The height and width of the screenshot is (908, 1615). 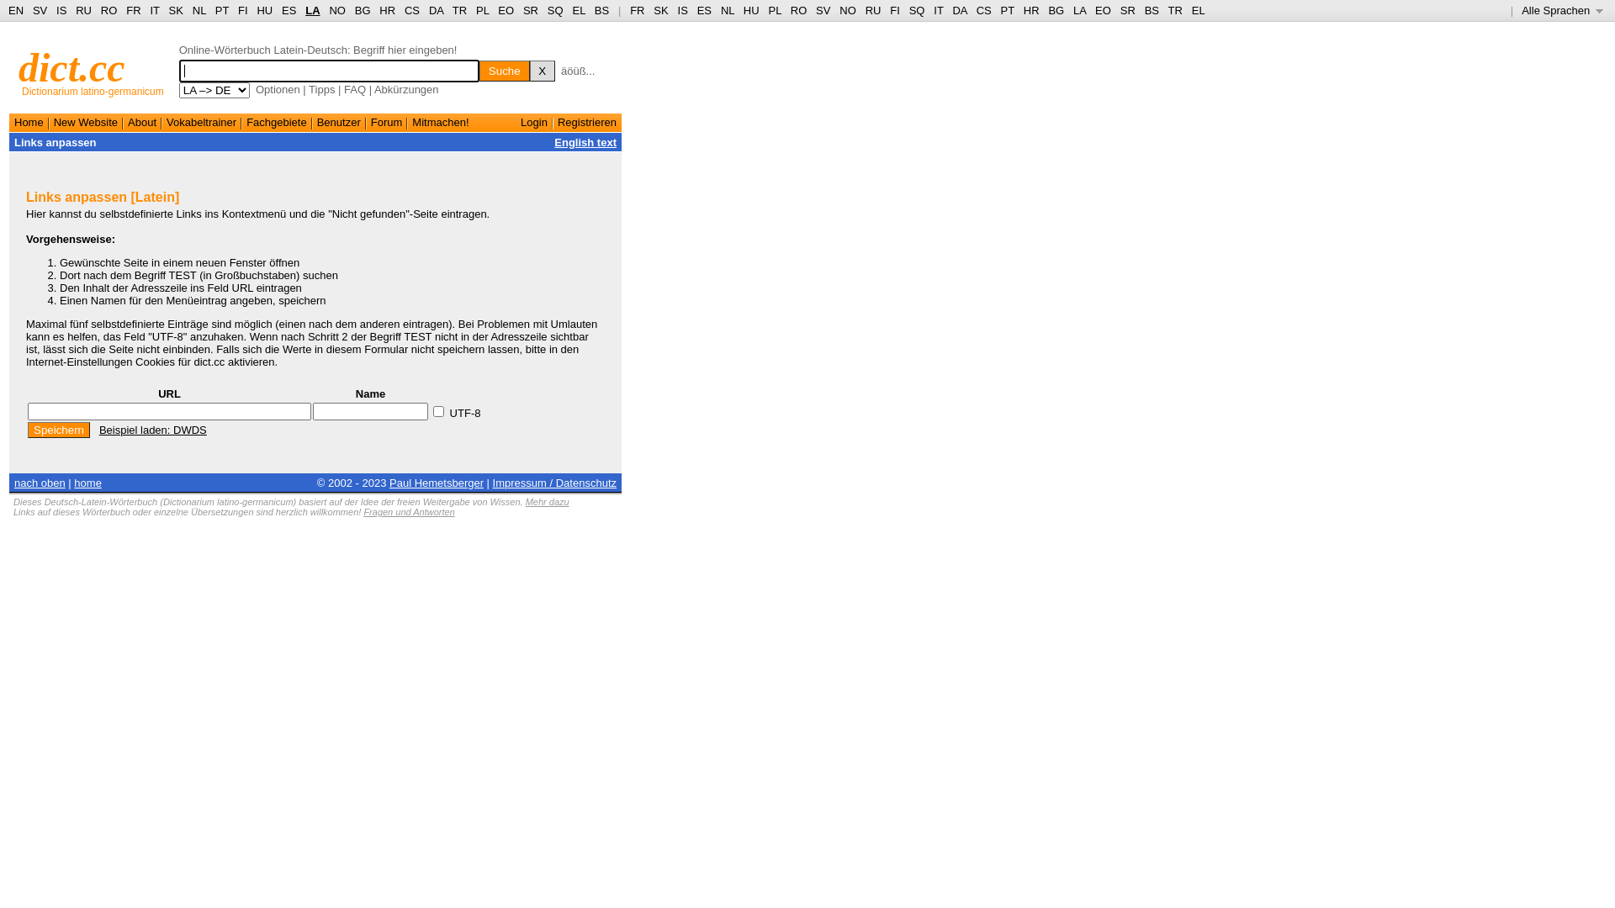 What do you see at coordinates (149, 10) in the screenshot?
I see `'IT'` at bounding box center [149, 10].